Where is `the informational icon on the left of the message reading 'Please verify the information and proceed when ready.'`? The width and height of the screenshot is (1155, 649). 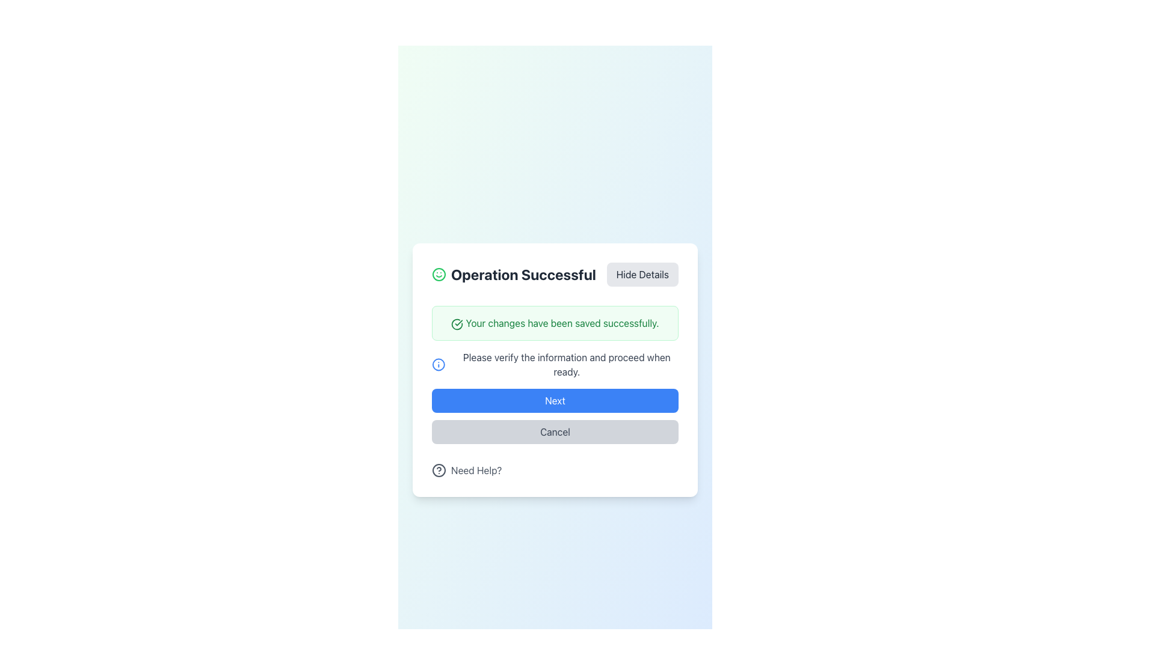 the informational icon on the left of the message reading 'Please verify the information and proceed when ready.' is located at coordinates (554, 364).